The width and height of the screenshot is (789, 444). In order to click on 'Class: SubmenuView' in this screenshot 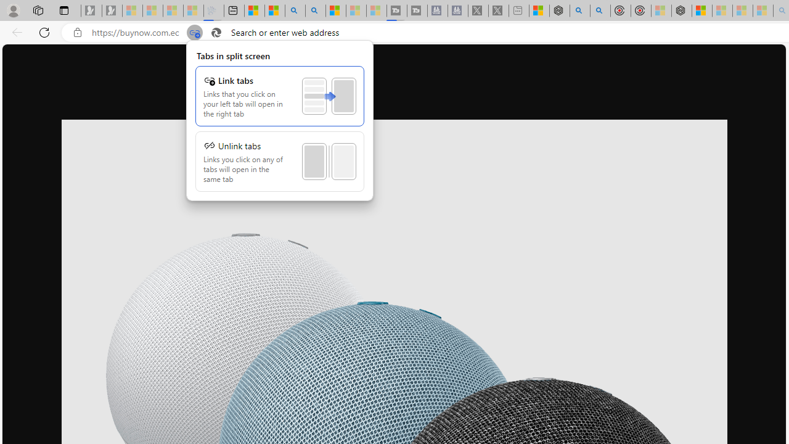, I will do `click(279, 120)`.